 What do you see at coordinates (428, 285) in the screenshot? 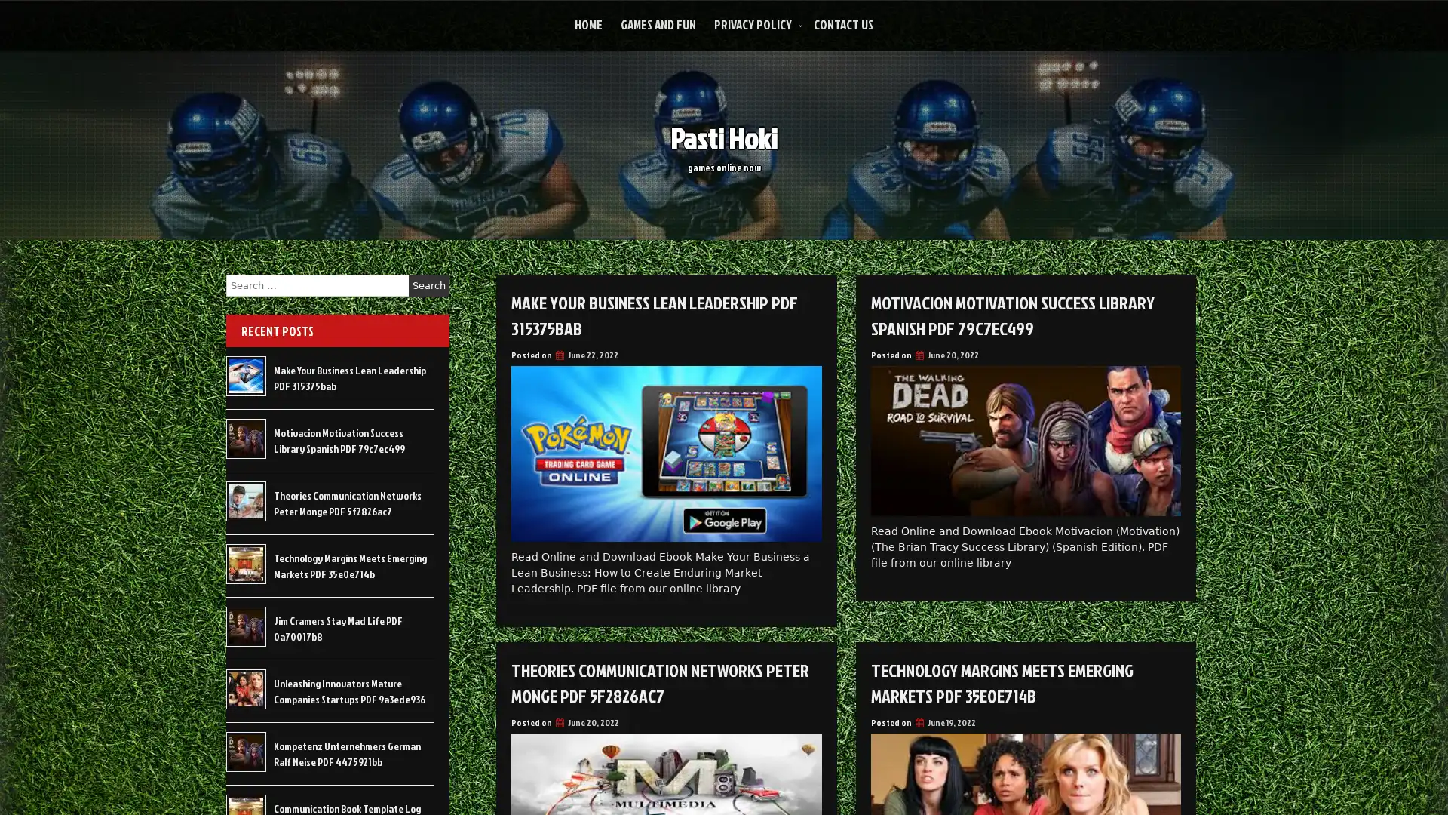
I see `Search` at bounding box center [428, 285].